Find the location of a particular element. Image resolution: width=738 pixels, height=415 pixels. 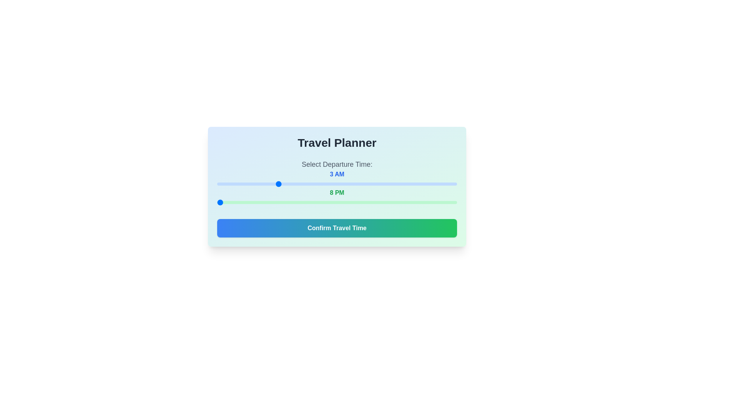

the interactive panel located centrally in the UI is located at coordinates (337, 187).